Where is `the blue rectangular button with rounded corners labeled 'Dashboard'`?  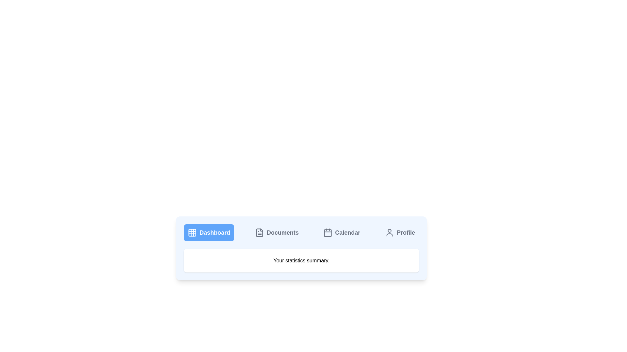 the blue rectangular button with rounded corners labeled 'Dashboard' is located at coordinates (208, 232).